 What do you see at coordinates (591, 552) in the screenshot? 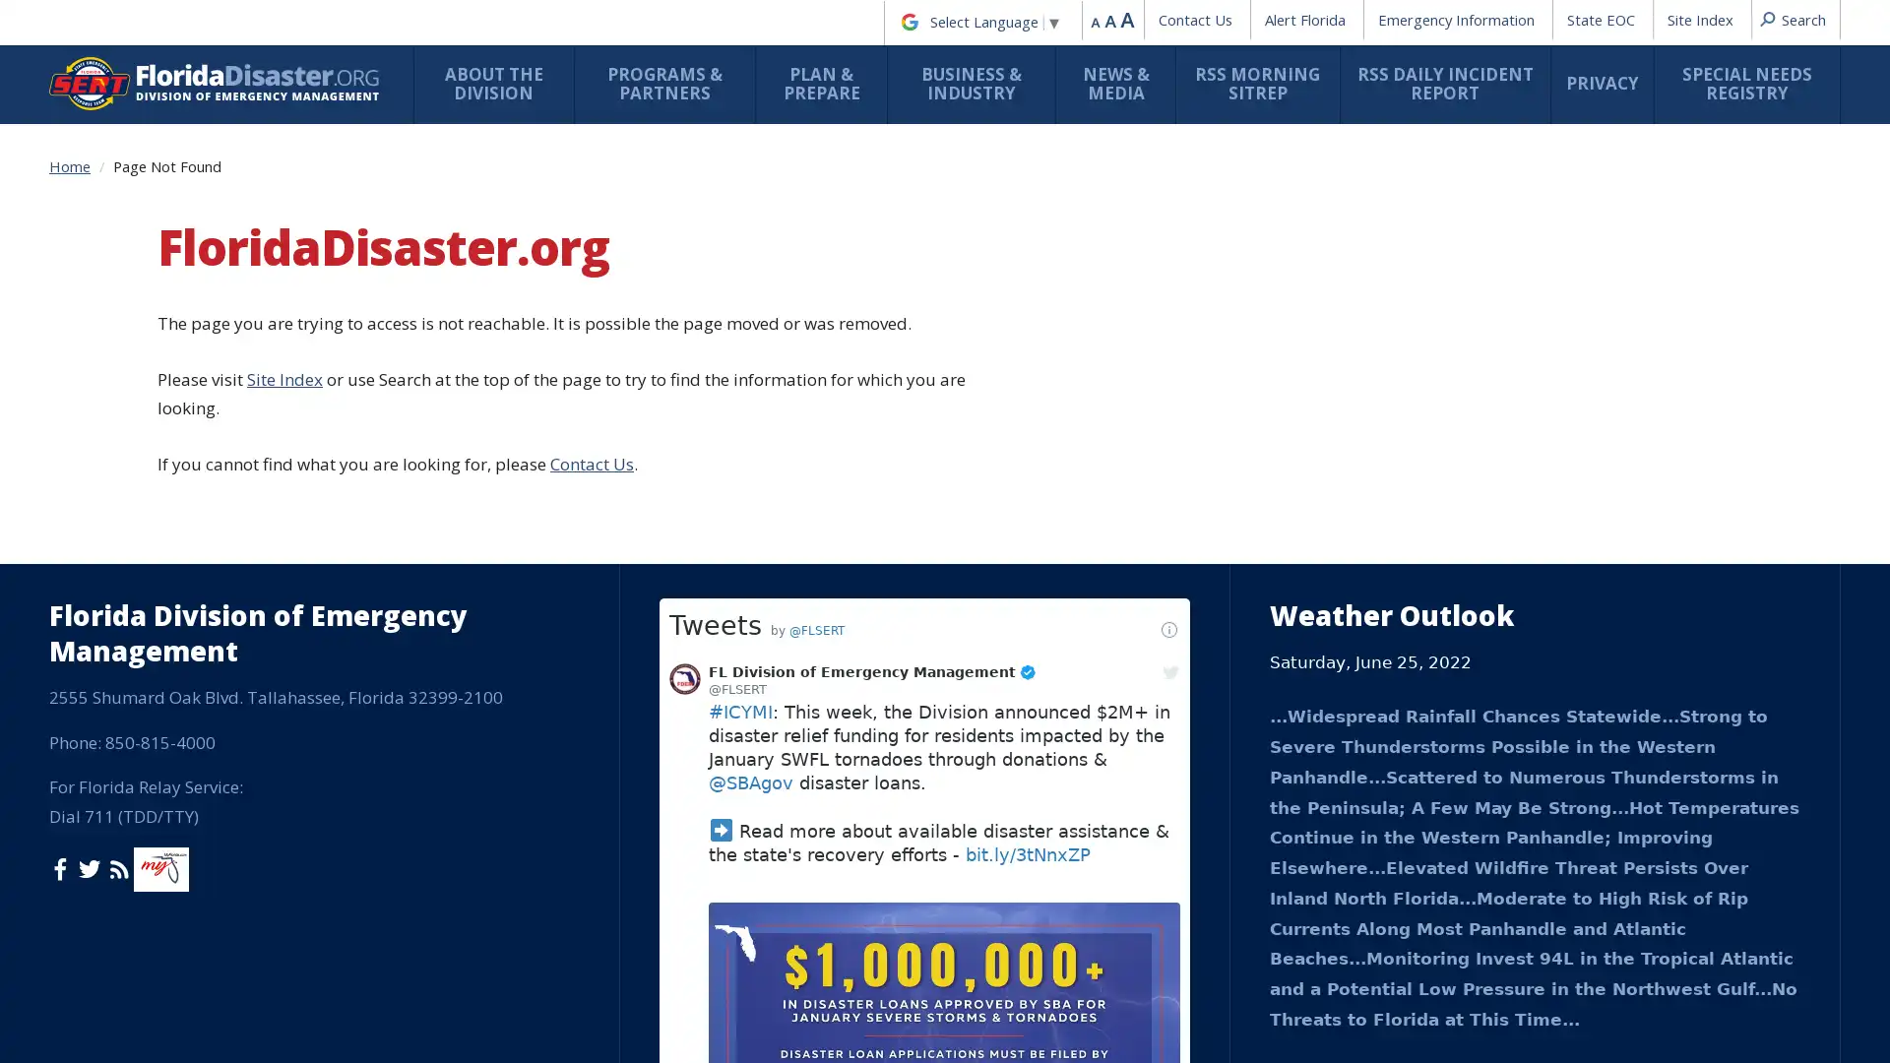
I see `Toggle More` at bounding box center [591, 552].